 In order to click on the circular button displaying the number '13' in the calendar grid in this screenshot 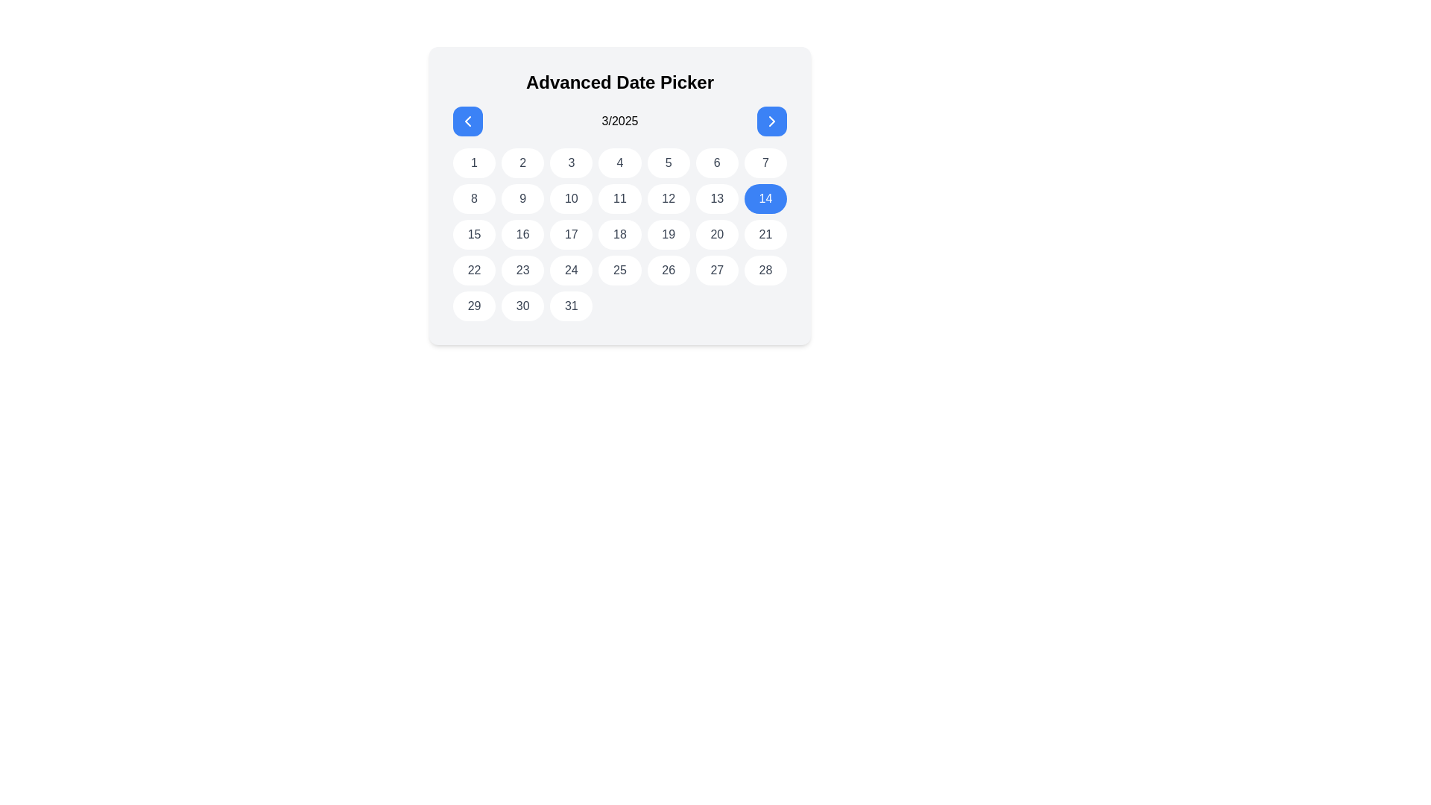, I will do `click(716, 198)`.